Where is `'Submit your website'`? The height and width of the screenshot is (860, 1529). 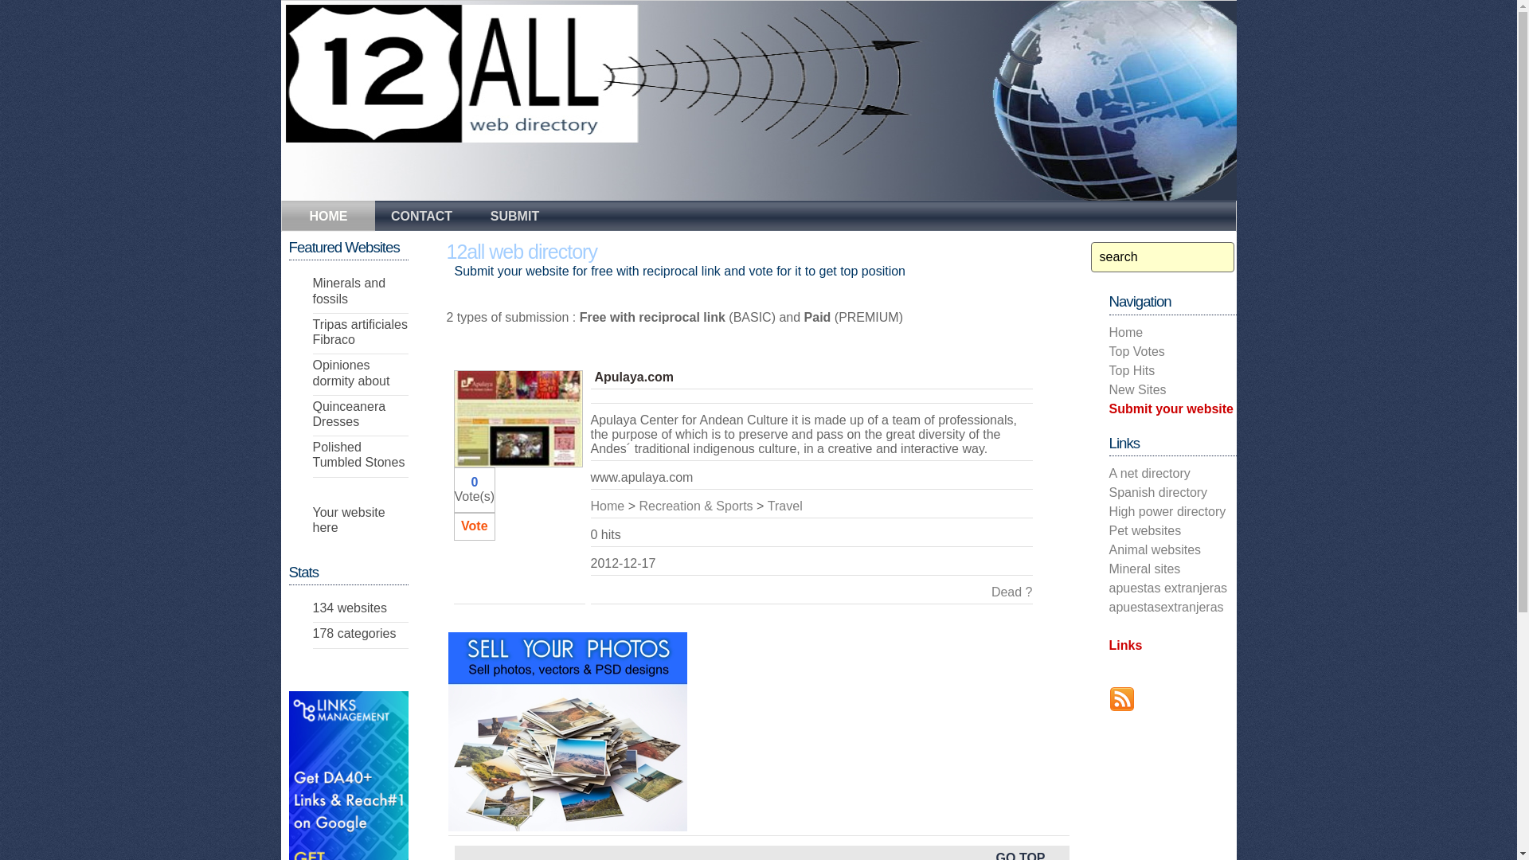
'Submit your website' is located at coordinates (1170, 408).